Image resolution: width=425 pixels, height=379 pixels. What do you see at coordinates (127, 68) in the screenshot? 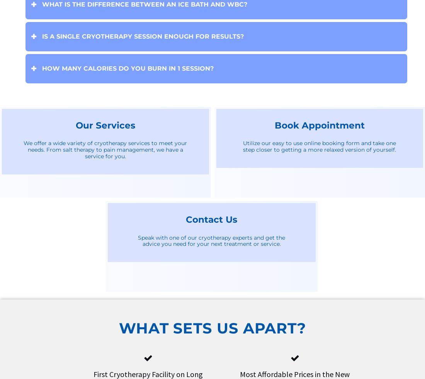
I see `'How many calories do you burn in 1 session?'` at bounding box center [127, 68].